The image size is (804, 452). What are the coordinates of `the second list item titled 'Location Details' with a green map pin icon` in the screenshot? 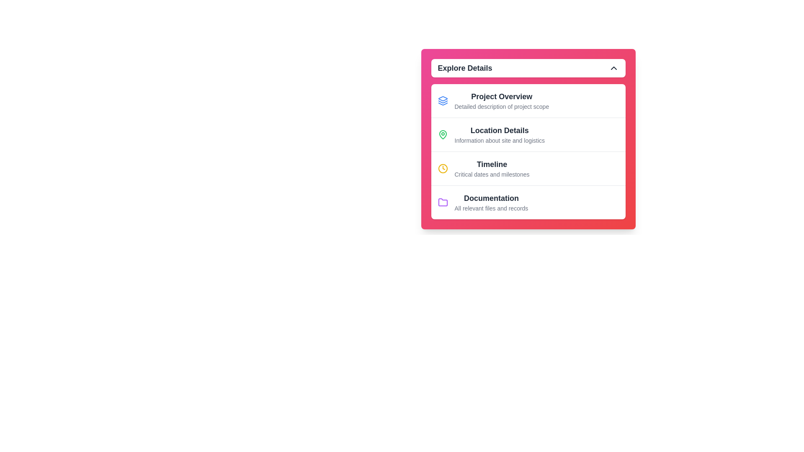 It's located at (528, 134).